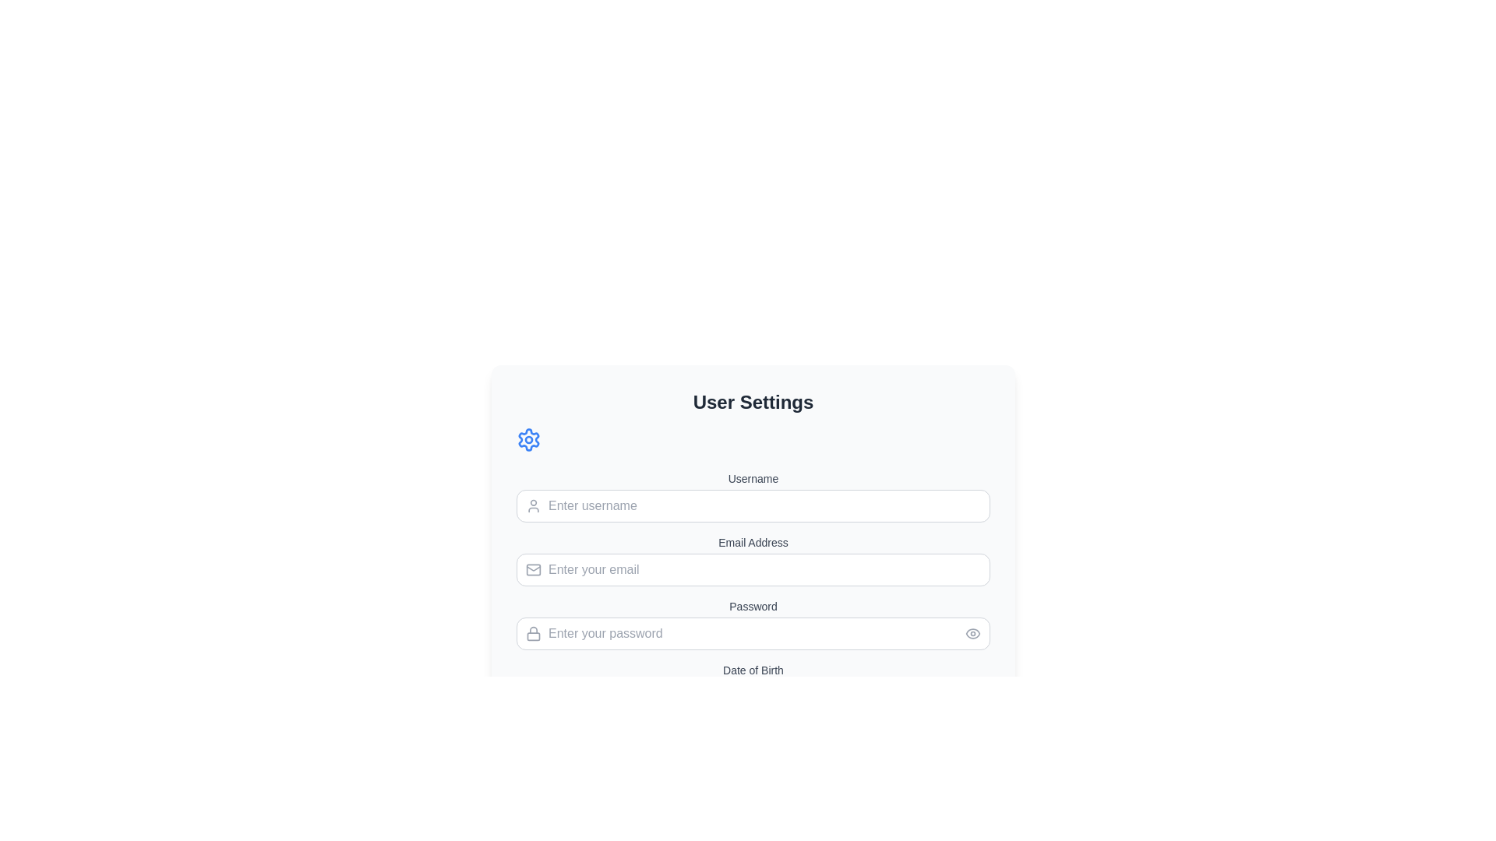 This screenshot has width=1496, height=841. Describe the element at coordinates (753, 615) in the screenshot. I see `inside the input fields of the User Settings form to type information such as Username, Email Address, Password, and Date of Birth` at that location.